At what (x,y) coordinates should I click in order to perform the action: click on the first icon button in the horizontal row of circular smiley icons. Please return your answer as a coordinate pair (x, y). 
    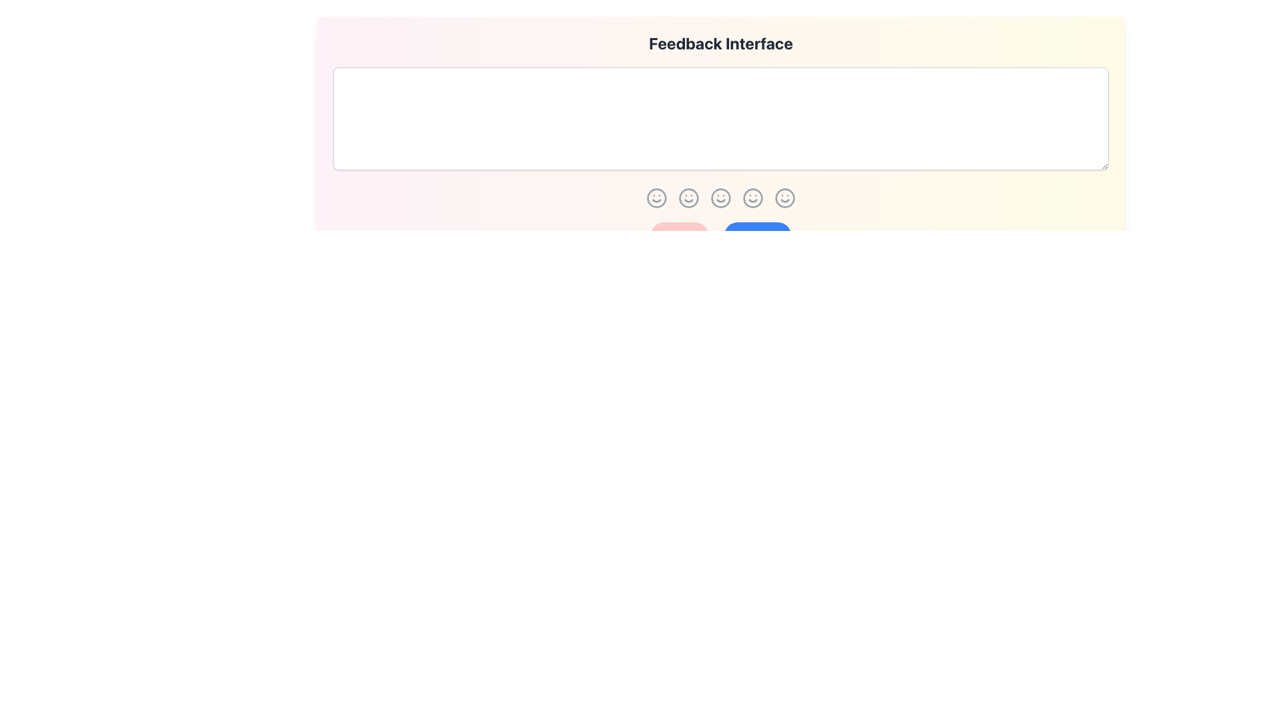
    Looking at the image, I should click on (657, 198).